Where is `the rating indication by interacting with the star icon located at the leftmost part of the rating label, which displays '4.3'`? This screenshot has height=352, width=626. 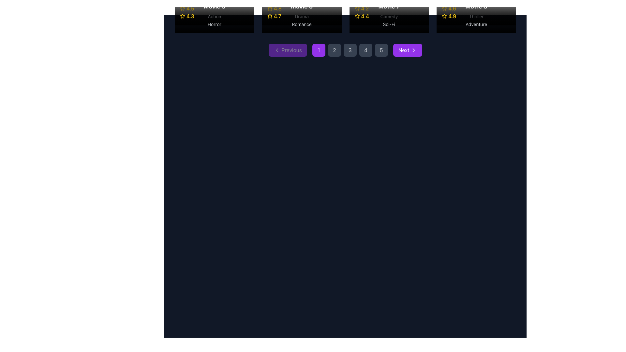 the rating indication by interacting with the star icon located at the leftmost part of the rating label, which displays '4.3' is located at coordinates (183, 16).